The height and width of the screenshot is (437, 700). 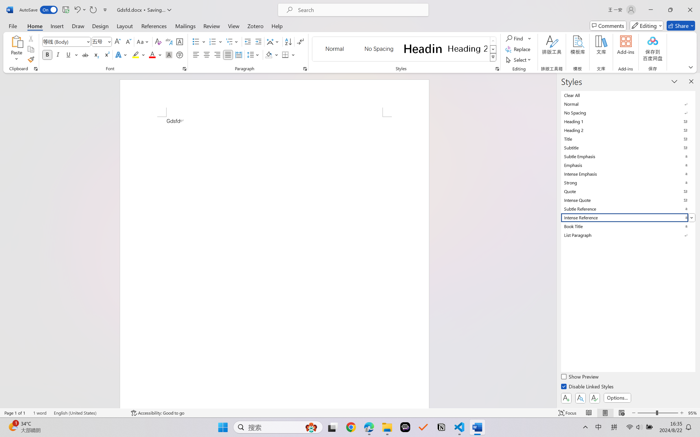 What do you see at coordinates (273, 42) in the screenshot?
I see `'Asian Layout'` at bounding box center [273, 42].